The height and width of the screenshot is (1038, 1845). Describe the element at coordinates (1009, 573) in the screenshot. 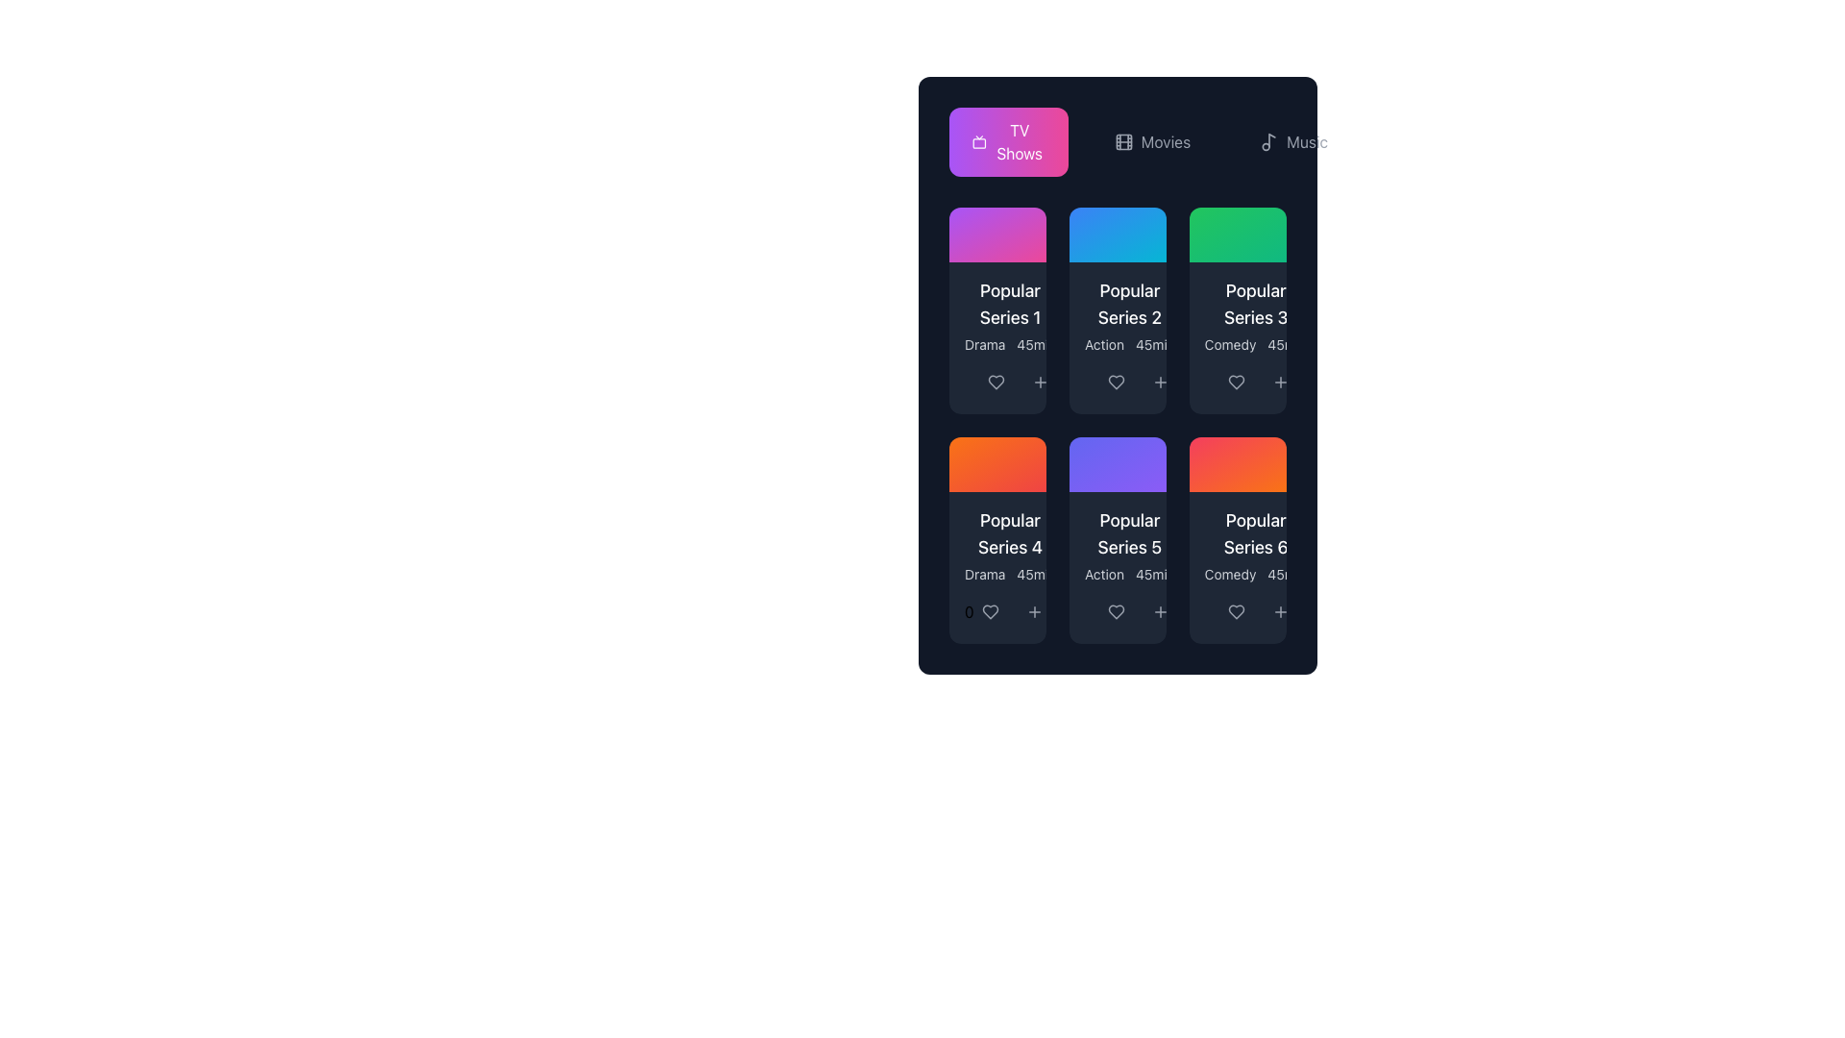

I see `the text label 'Drama · 45min' styled in a smaller, gray font, located beneath the title 'Popular Series 4' in the bottom-left section of the main card` at that location.